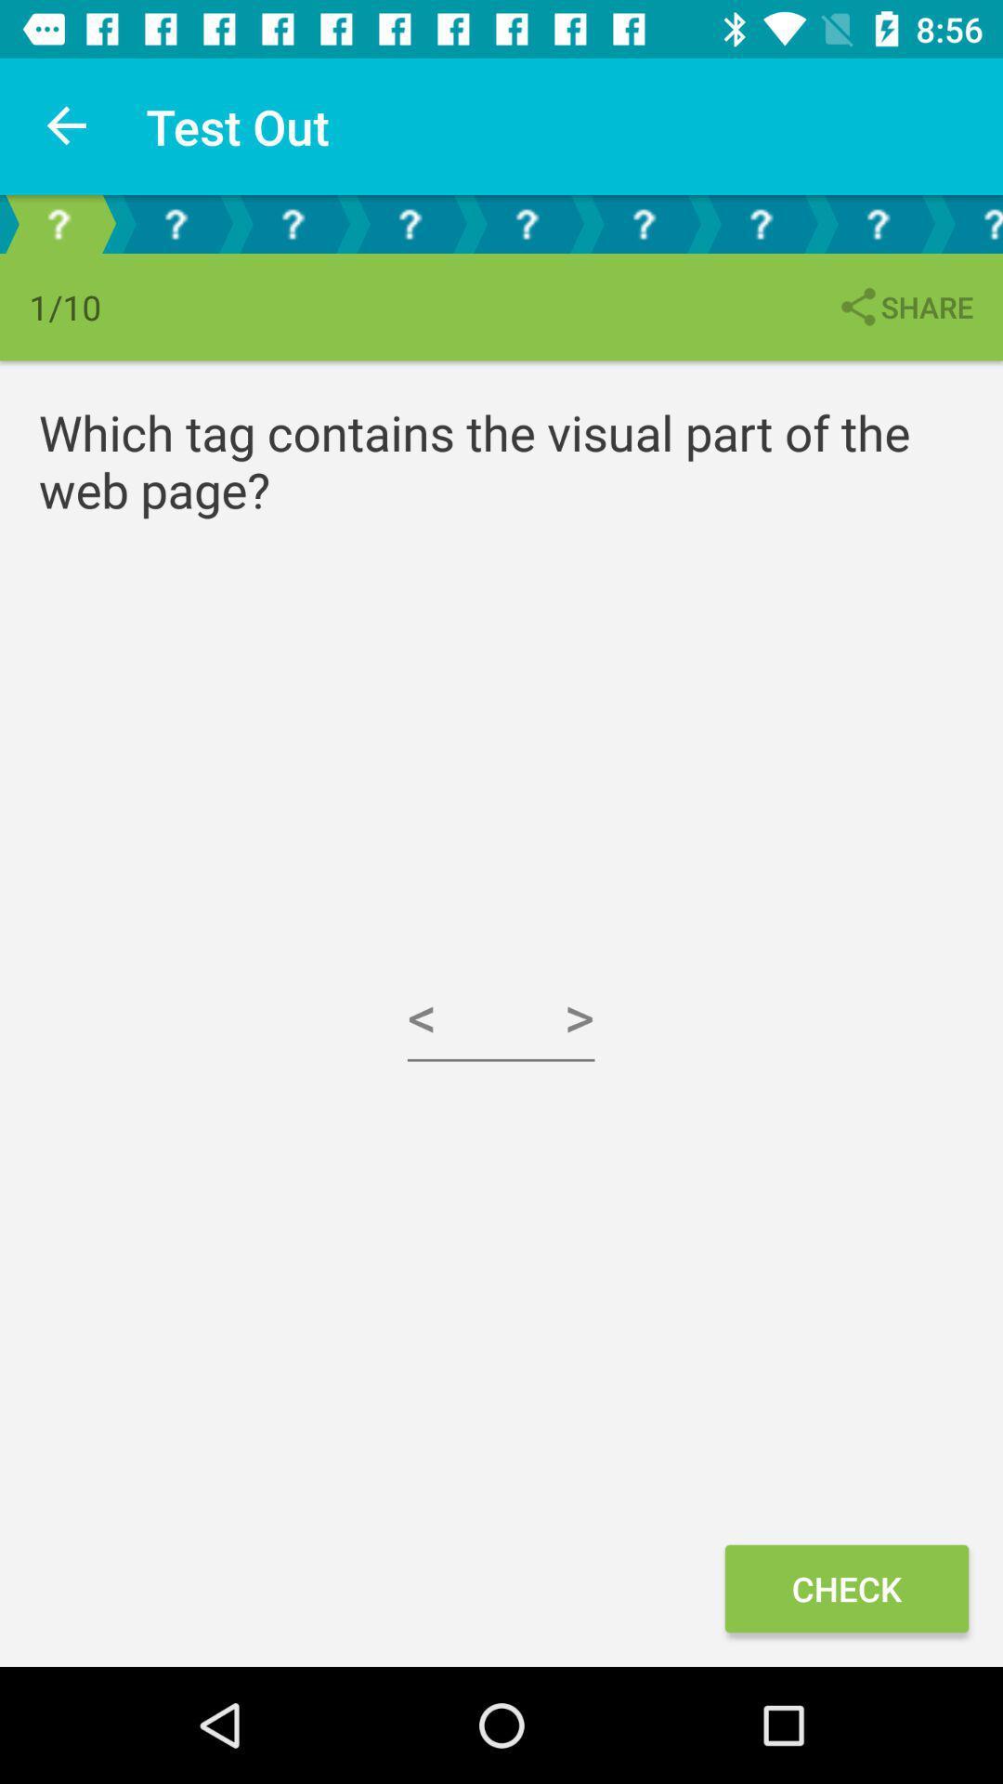  What do you see at coordinates (293, 223) in the screenshot?
I see `the help icon` at bounding box center [293, 223].